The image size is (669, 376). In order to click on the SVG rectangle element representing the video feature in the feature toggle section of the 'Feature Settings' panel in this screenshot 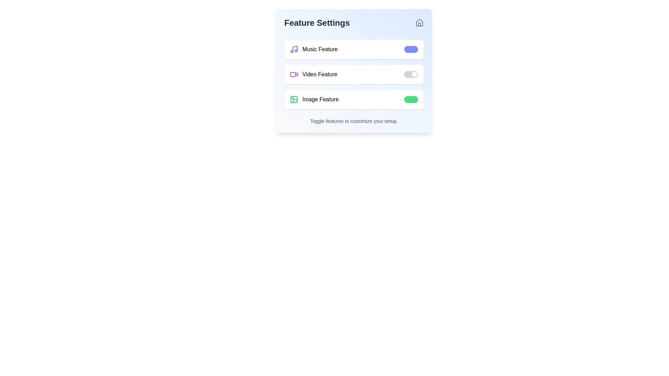, I will do `click(293, 74)`.